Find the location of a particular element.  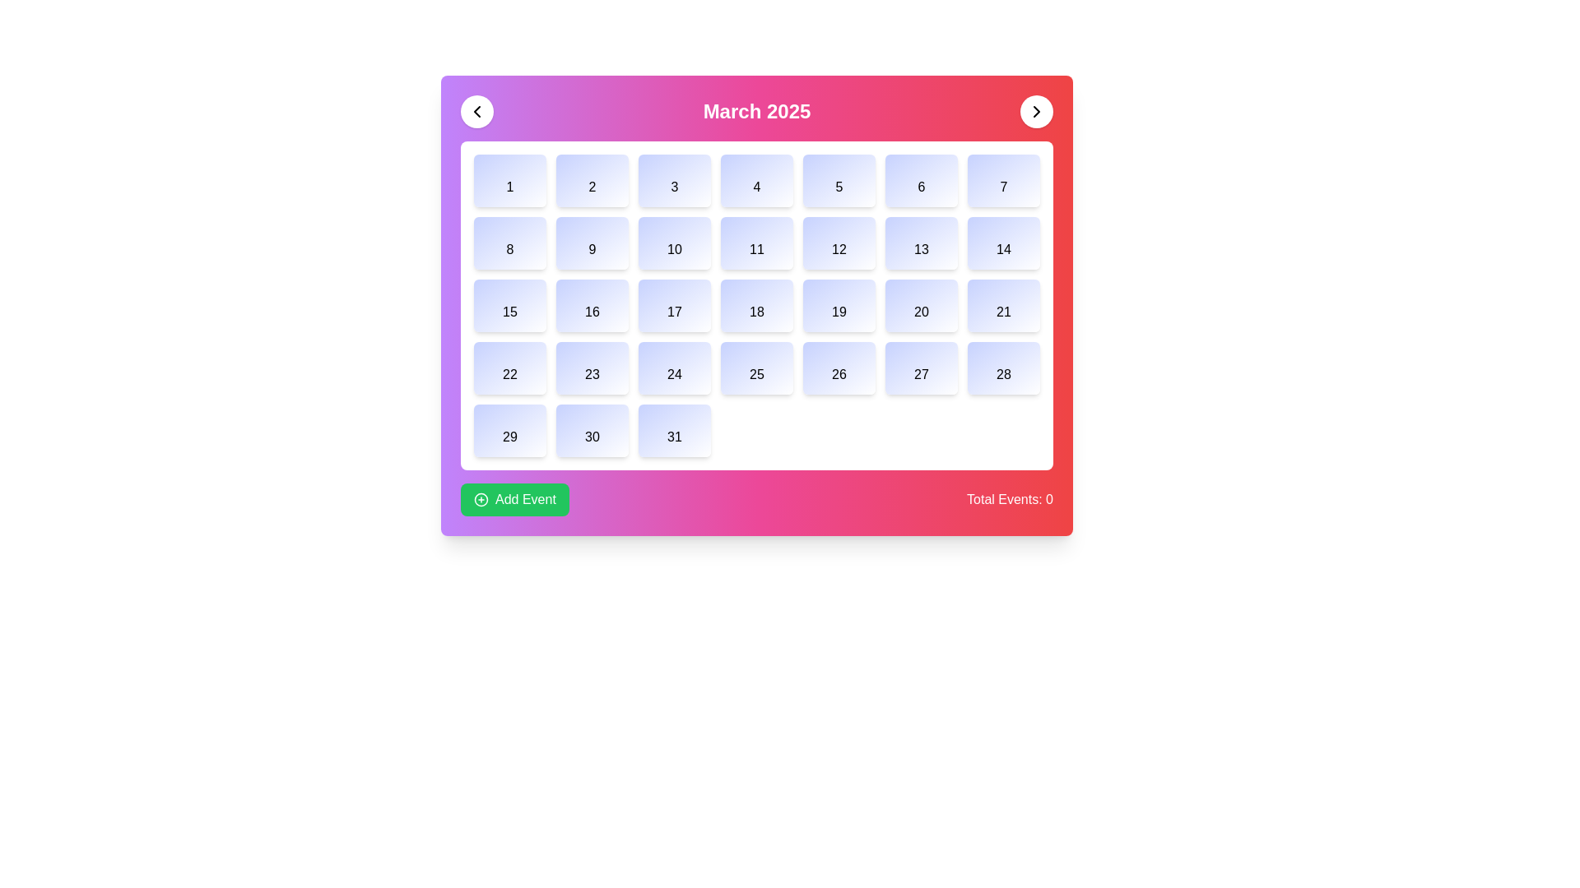

on the calendar day grid item representing the day '20' is located at coordinates (920, 305).